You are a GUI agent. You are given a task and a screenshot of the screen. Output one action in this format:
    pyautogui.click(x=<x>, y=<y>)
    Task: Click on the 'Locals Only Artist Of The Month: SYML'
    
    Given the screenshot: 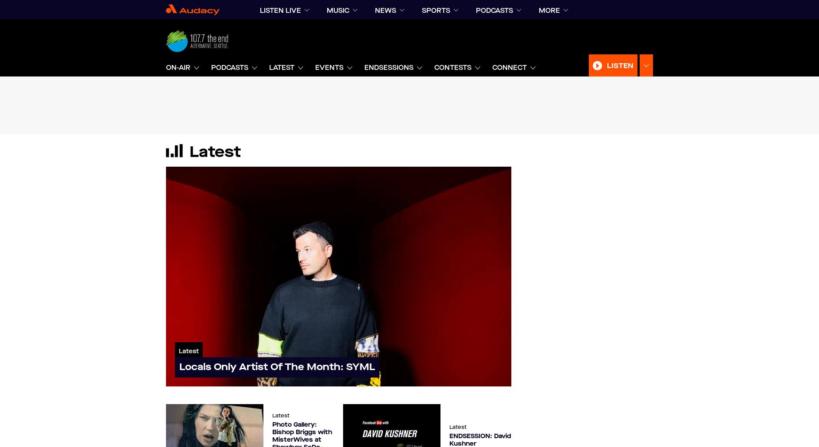 What is the action you would take?
    pyautogui.click(x=277, y=366)
    